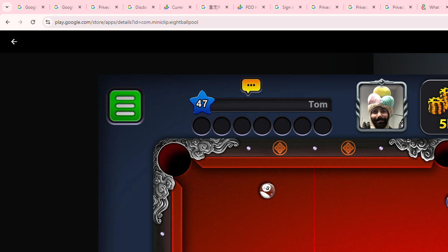 The width and height of the screenshot is (448, 252). What do you see at coordinates (252, 7) in the screenshot?
I see `'PDD Holdings Inc - ADR (PDD) Price & News - Google Finance'` at bounding box center [252, 7].